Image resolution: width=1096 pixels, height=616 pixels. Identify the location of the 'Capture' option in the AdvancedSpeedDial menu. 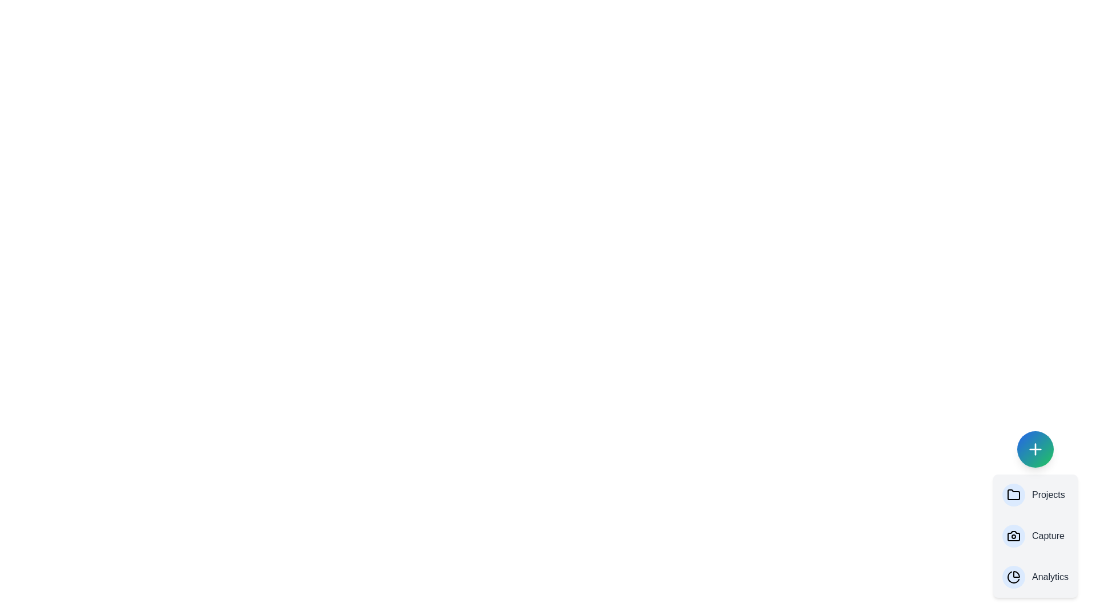
(1035, 536).